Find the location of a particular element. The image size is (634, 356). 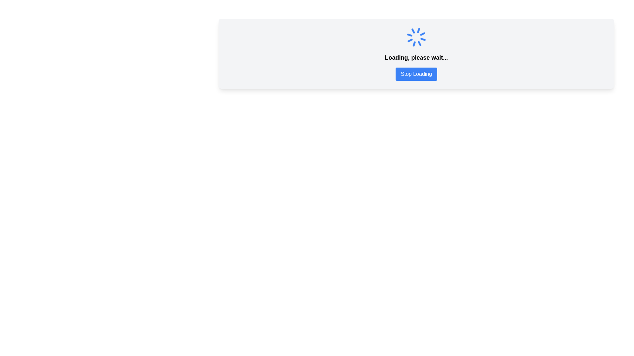

the rectangular blue button with white text reading 'Stop Loading' to change its color is located at coordinates (416, 74).